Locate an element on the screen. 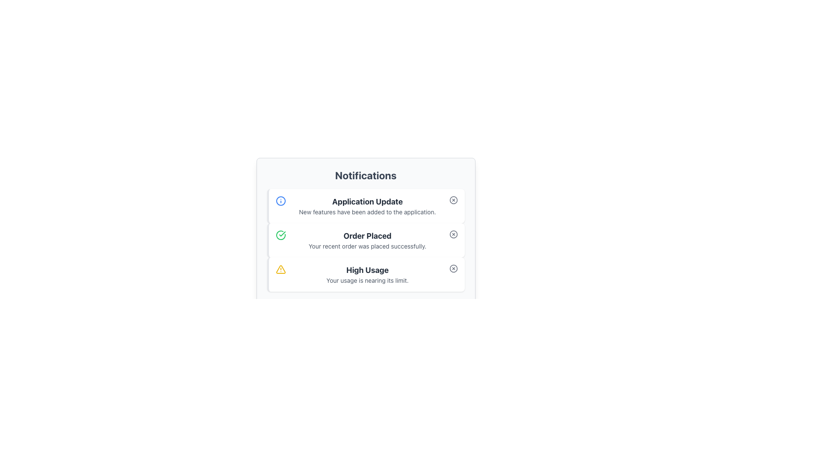 This screenshot has height=462, width=821. the Notification item displaying 'High Usage' with accompanying text 'Your usage is nearing its limit.' is located at coordinates (367, 274).